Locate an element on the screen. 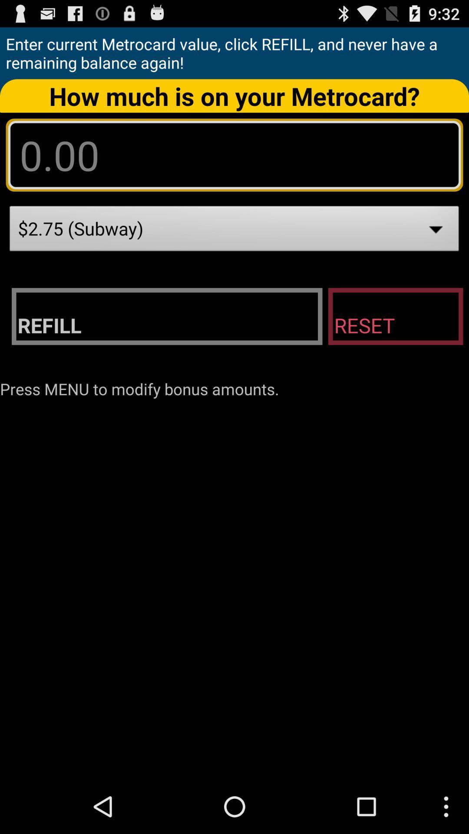 The height and width of the screenshot is (834, 469). metorcard amount is located at coordinates (234, 155).